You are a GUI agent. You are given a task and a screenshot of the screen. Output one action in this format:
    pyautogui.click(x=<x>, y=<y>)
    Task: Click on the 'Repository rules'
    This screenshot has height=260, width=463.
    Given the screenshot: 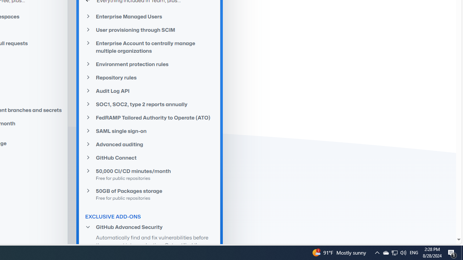 What is the action you would take?
    pyautogui.click(x=149, y=77)
    